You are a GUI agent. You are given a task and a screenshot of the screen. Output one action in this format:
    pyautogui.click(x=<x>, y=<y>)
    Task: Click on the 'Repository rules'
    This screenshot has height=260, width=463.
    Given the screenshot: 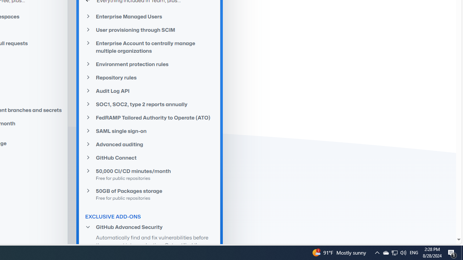 What is the action you would take?
    pyautogui.click(x=149, y=77)
    